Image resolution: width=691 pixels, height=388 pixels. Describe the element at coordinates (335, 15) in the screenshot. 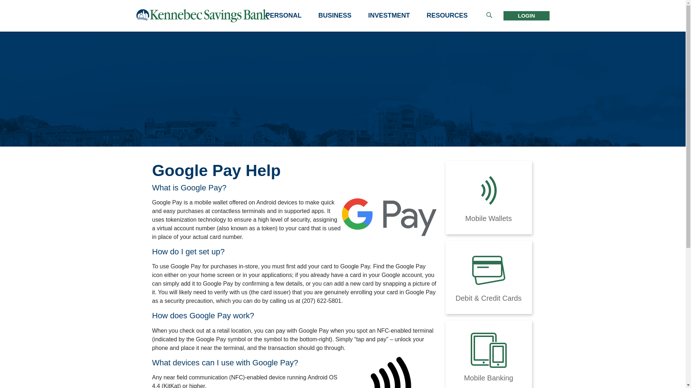

I see `'BUSINESS'` at that location.